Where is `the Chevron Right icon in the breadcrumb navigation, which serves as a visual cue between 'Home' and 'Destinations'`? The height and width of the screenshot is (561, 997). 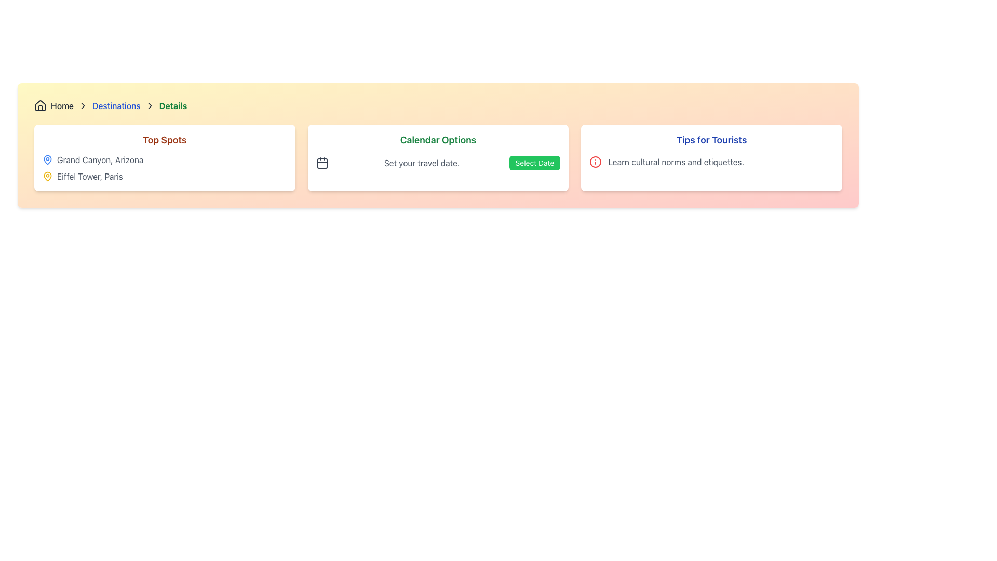
the Chevron Right icon in the breadcrumb navigation, which serves as a visual cue between 'Home' and 'Destinations' is located at coordinates (82, 106).